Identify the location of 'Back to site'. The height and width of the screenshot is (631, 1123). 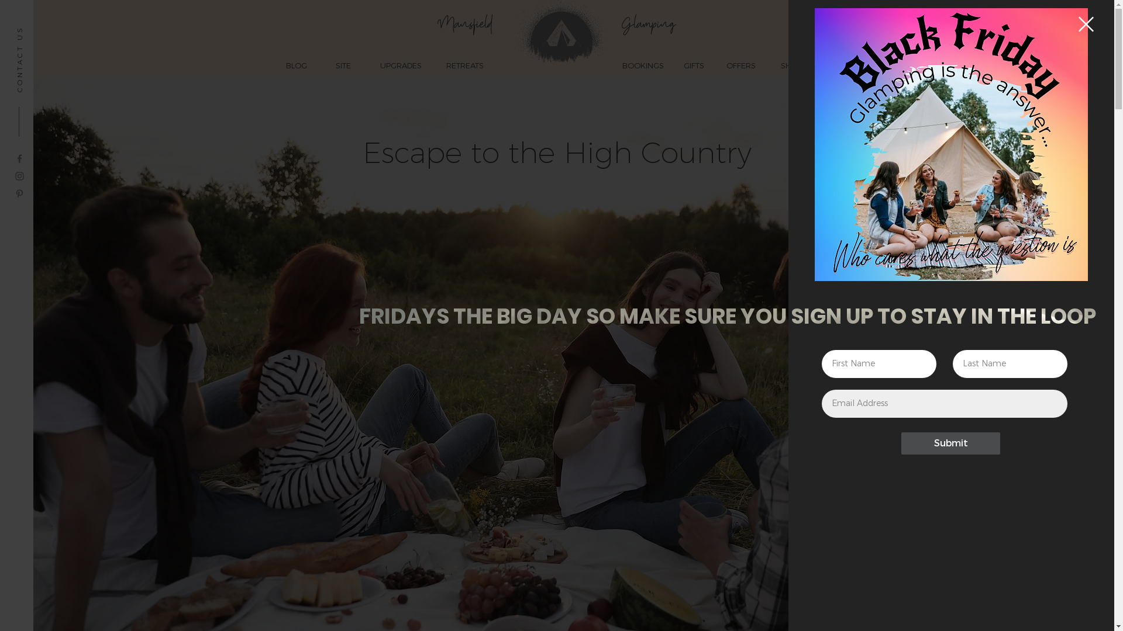
(1077, 24).